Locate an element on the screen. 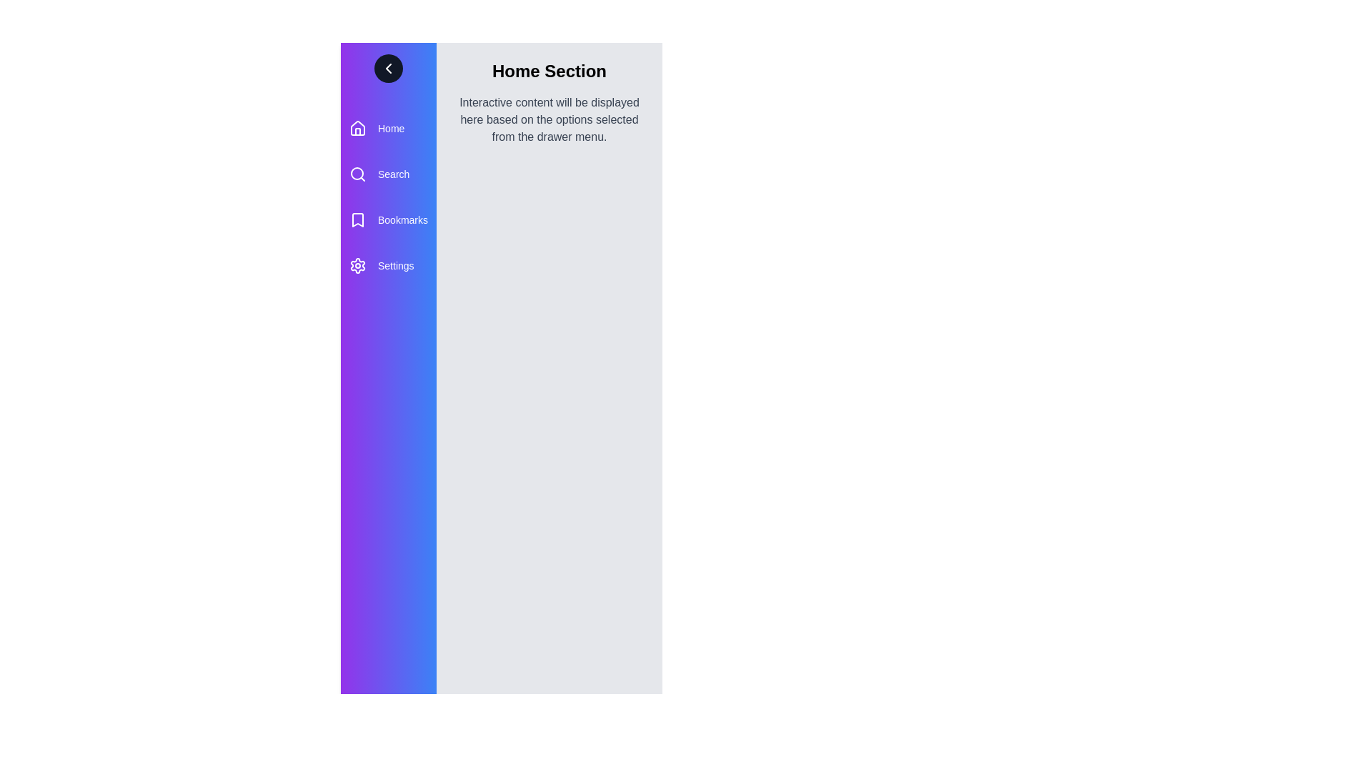 The width and height of the screenshot is (1372, 772). the menu item Bookmarks is located at coordinates (388, 220).